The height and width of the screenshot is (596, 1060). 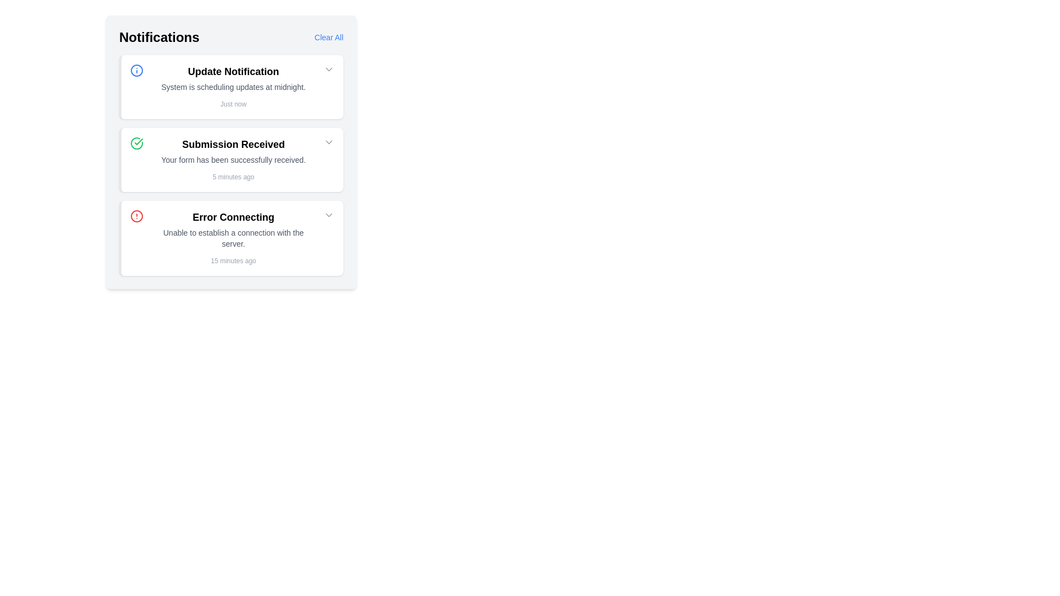 What do you see at coordinates (136, 70) in the screenshot?
I see `the informational icon located to the left of the 'Update Notification' header in the notification list` at bounding box center [136, 70].